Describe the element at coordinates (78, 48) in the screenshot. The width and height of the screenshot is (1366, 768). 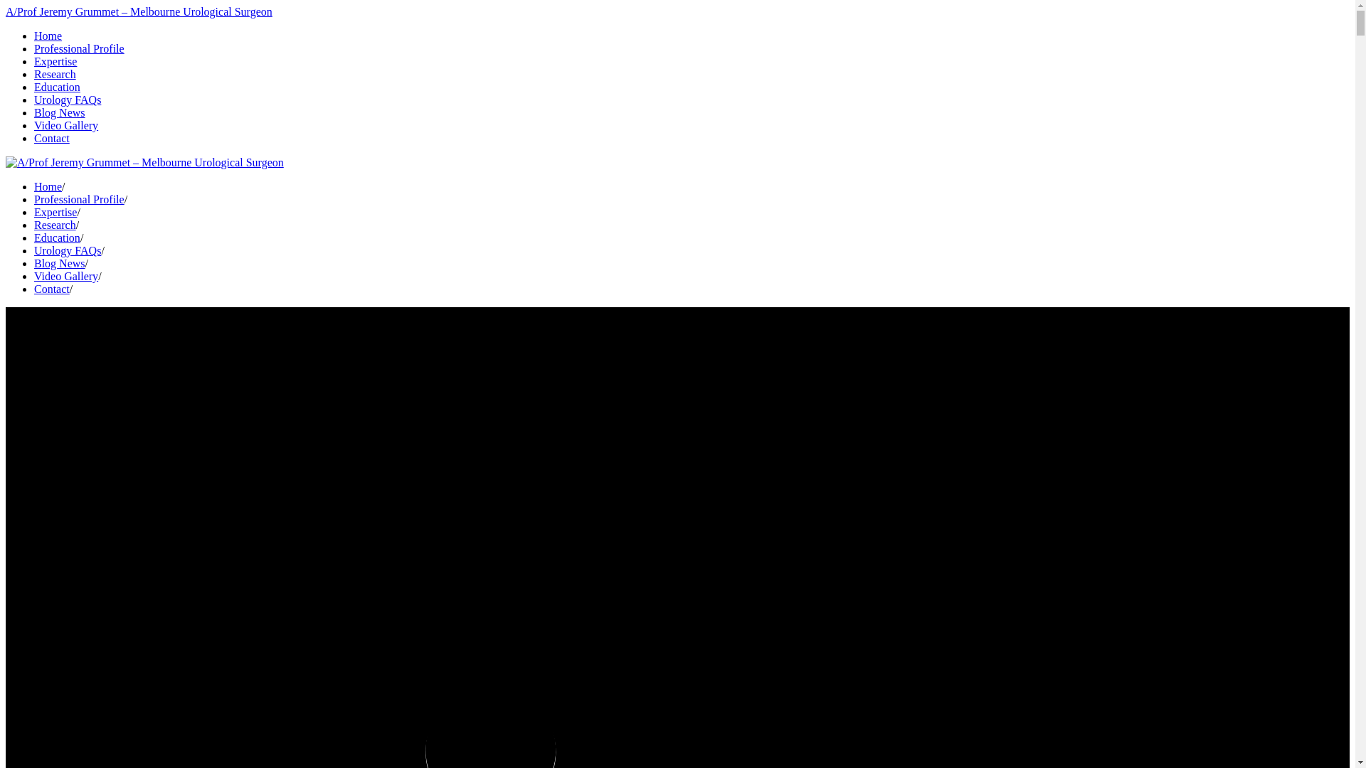
I see `'Professional Profile'` at that location.